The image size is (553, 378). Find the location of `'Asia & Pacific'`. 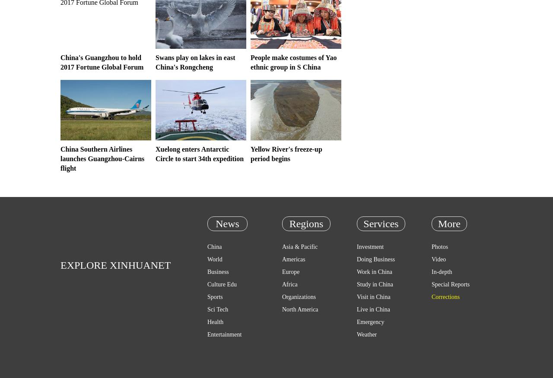

'Asia & Pacific' is located at coordinates (282, 247).